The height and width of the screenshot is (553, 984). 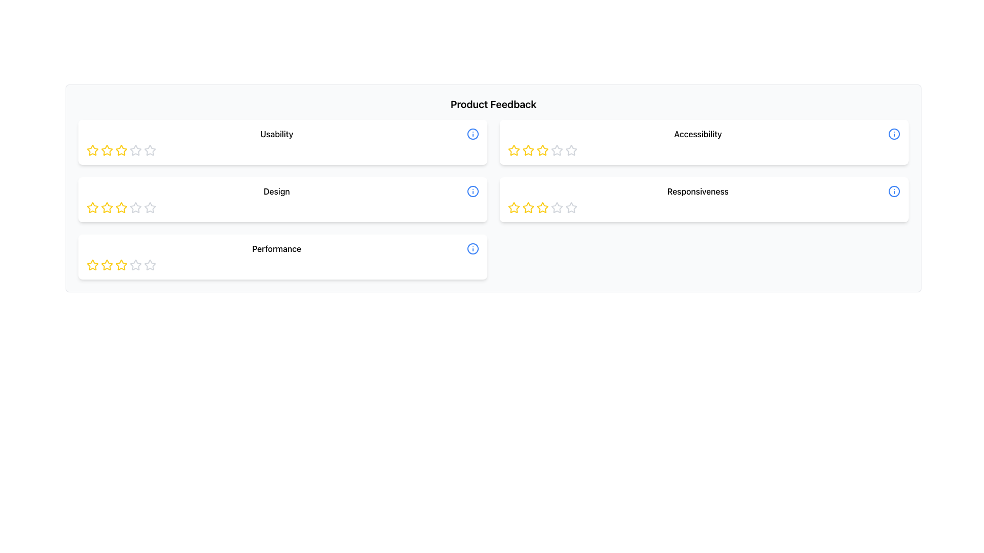 I want to click on the second star icon, so click(x=541, y=150).